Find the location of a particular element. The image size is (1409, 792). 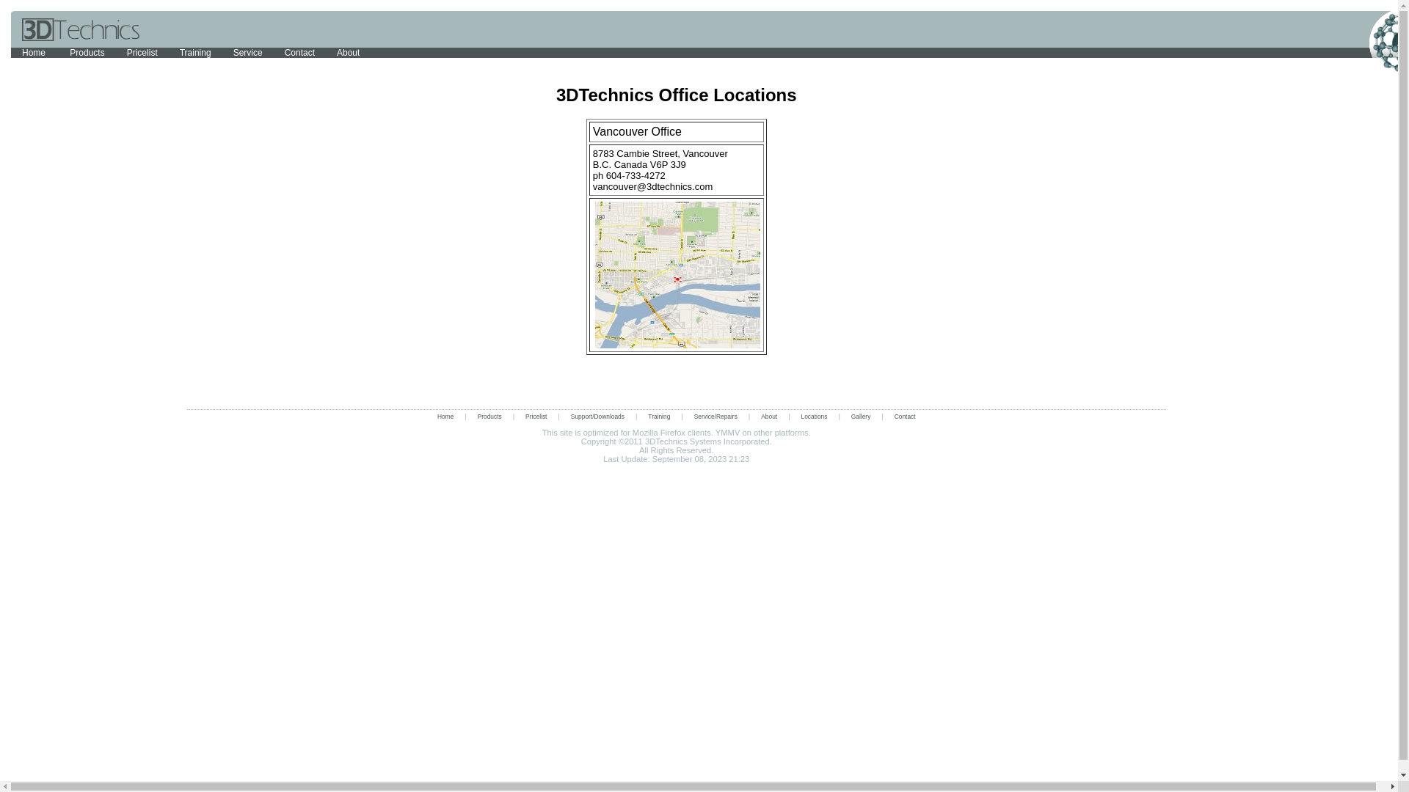

'Contact' is located at coordinates (274, 52).